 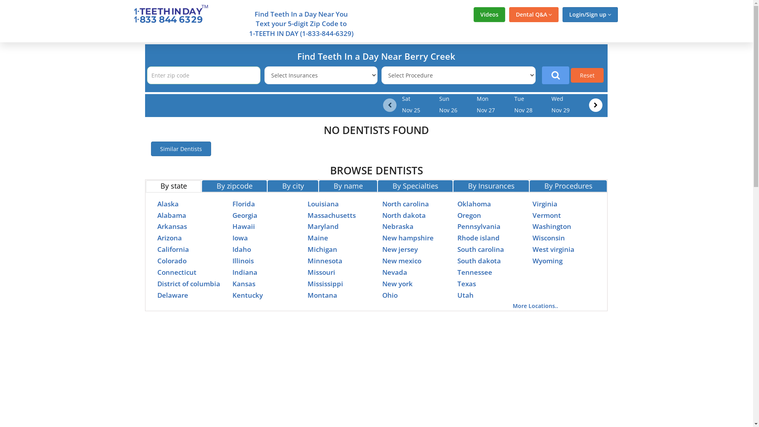 What do you see at coordinates (318, 237) in the screenshot?
I see `'Maine'` at bounding box center [318, 237].